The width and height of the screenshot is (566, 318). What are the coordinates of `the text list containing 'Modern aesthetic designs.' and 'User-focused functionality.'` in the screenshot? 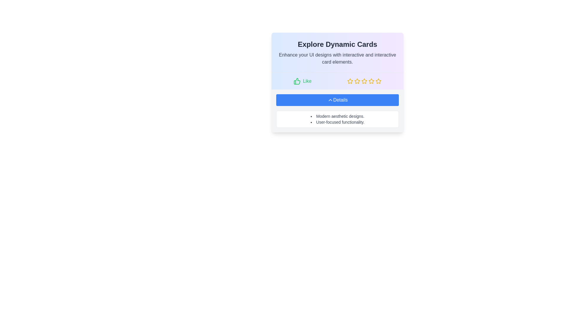 It's located at (338, 119).